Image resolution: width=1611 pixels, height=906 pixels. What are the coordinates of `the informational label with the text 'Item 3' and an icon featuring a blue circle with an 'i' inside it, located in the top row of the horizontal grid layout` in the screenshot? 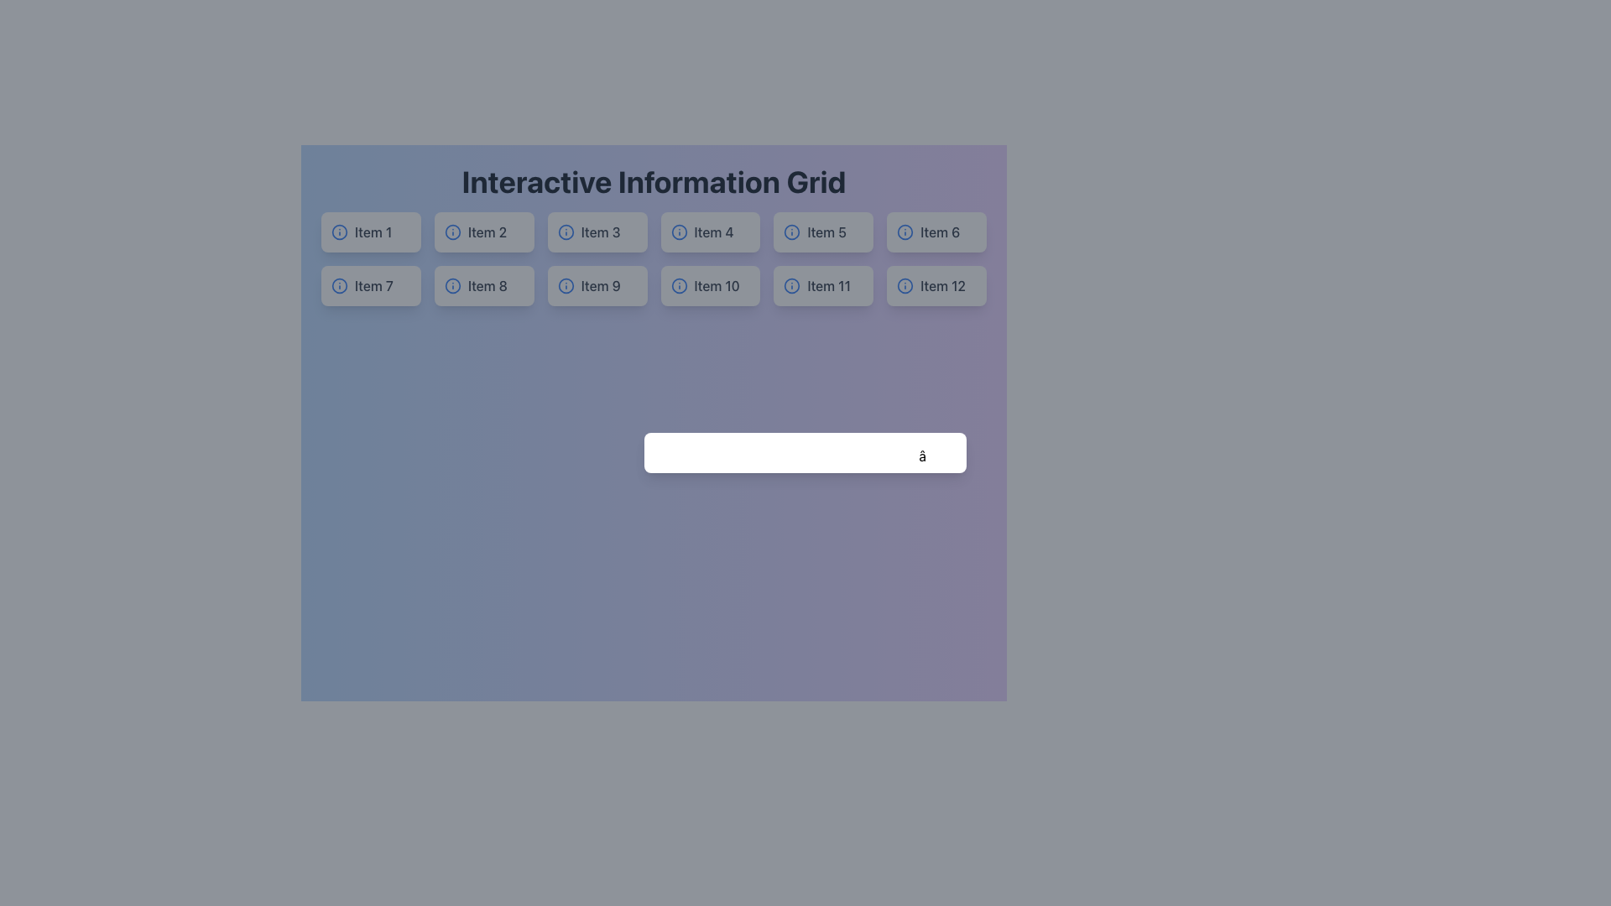 It's located at (597, 232).